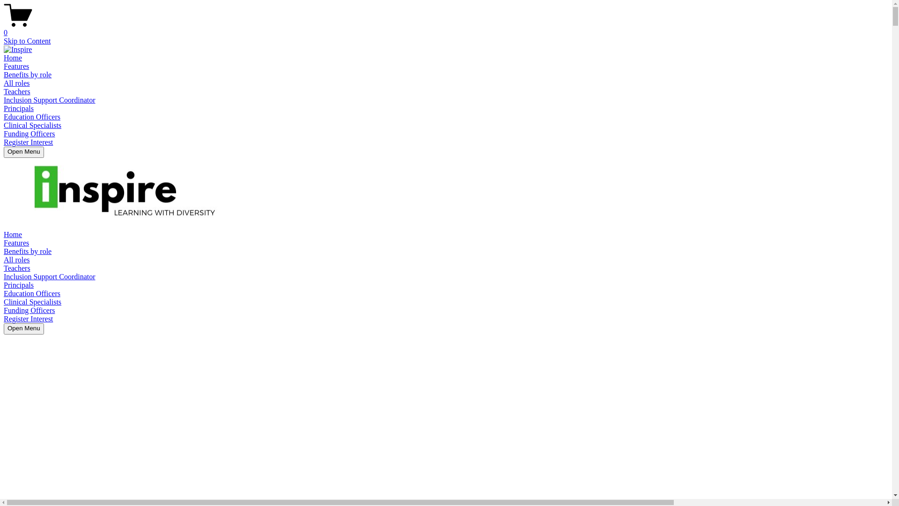  What do you see at coordinates (28, 142) in the screenshot?
I see `'Register Interest'` at bounding box center [28, 142].